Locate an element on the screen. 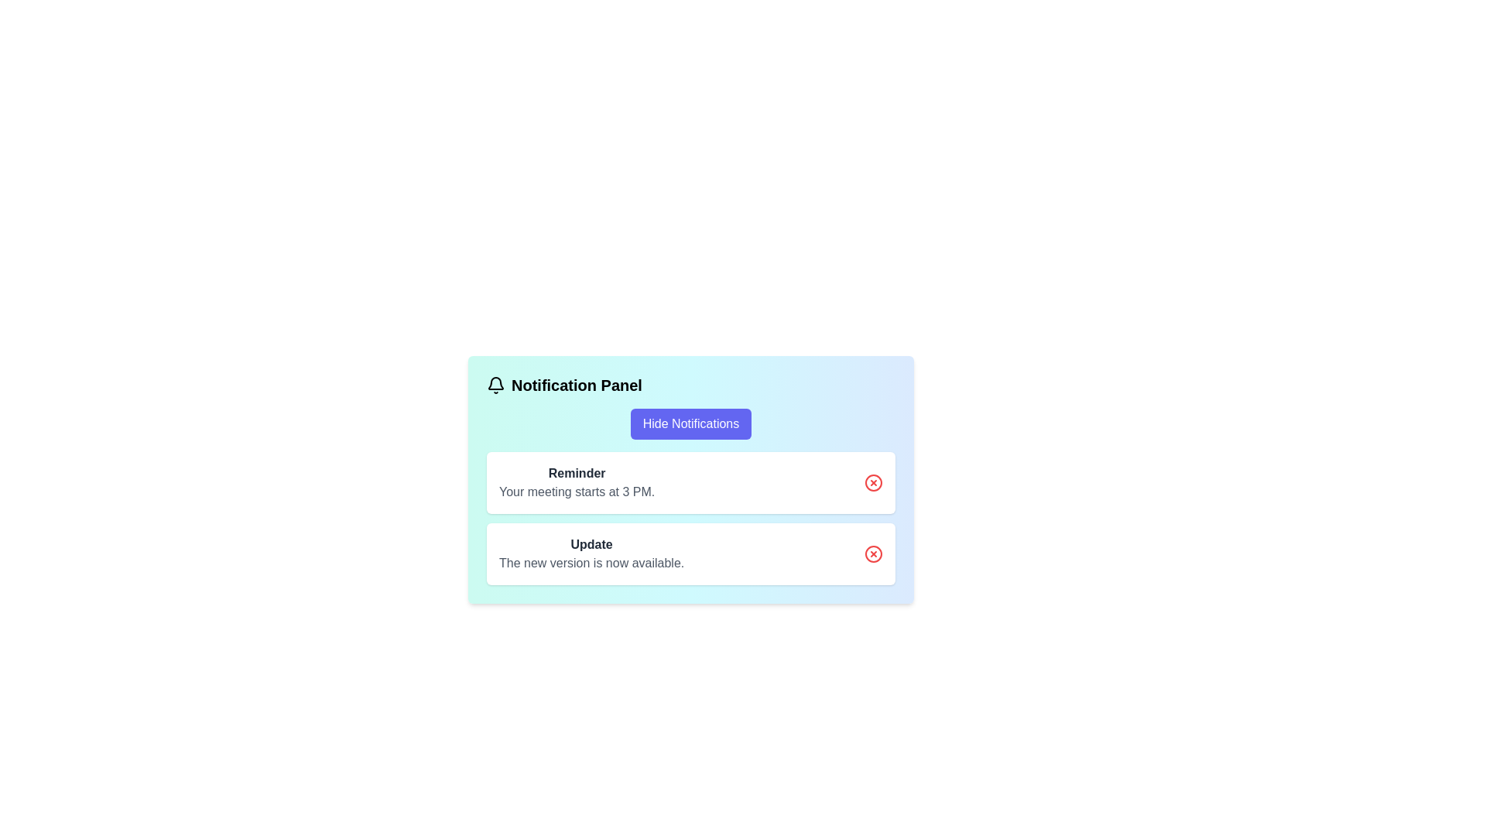 Image resolution: width=1486 pixels, height=836 pixels. text of the notification block titled 'Reminder' which states 'Your meeting starts at 3 PM.' is located at coordinates (576, 482).